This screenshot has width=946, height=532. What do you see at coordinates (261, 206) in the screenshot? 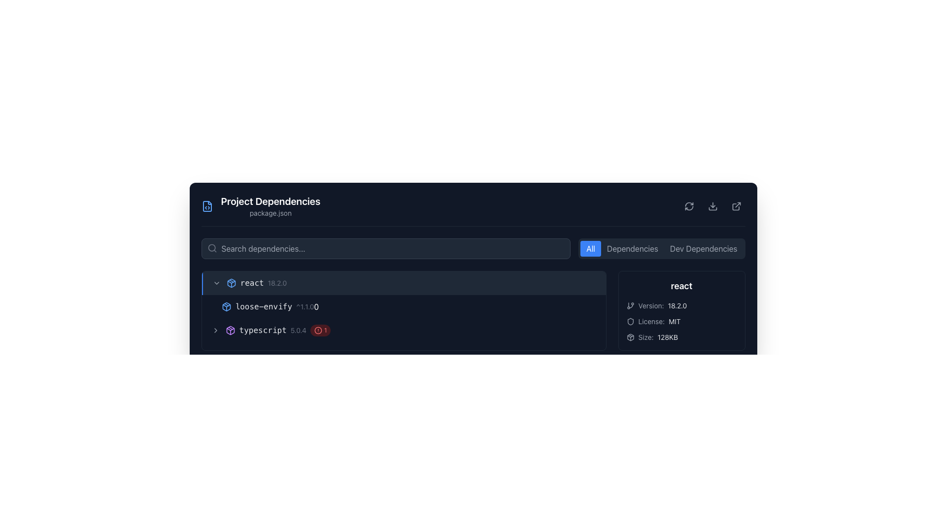
I see `the UI section header titled 'Project Dependencies' which includes an icon of a document with a blue outline and the text 'package.json' below it` at bounding box center [261, 206].